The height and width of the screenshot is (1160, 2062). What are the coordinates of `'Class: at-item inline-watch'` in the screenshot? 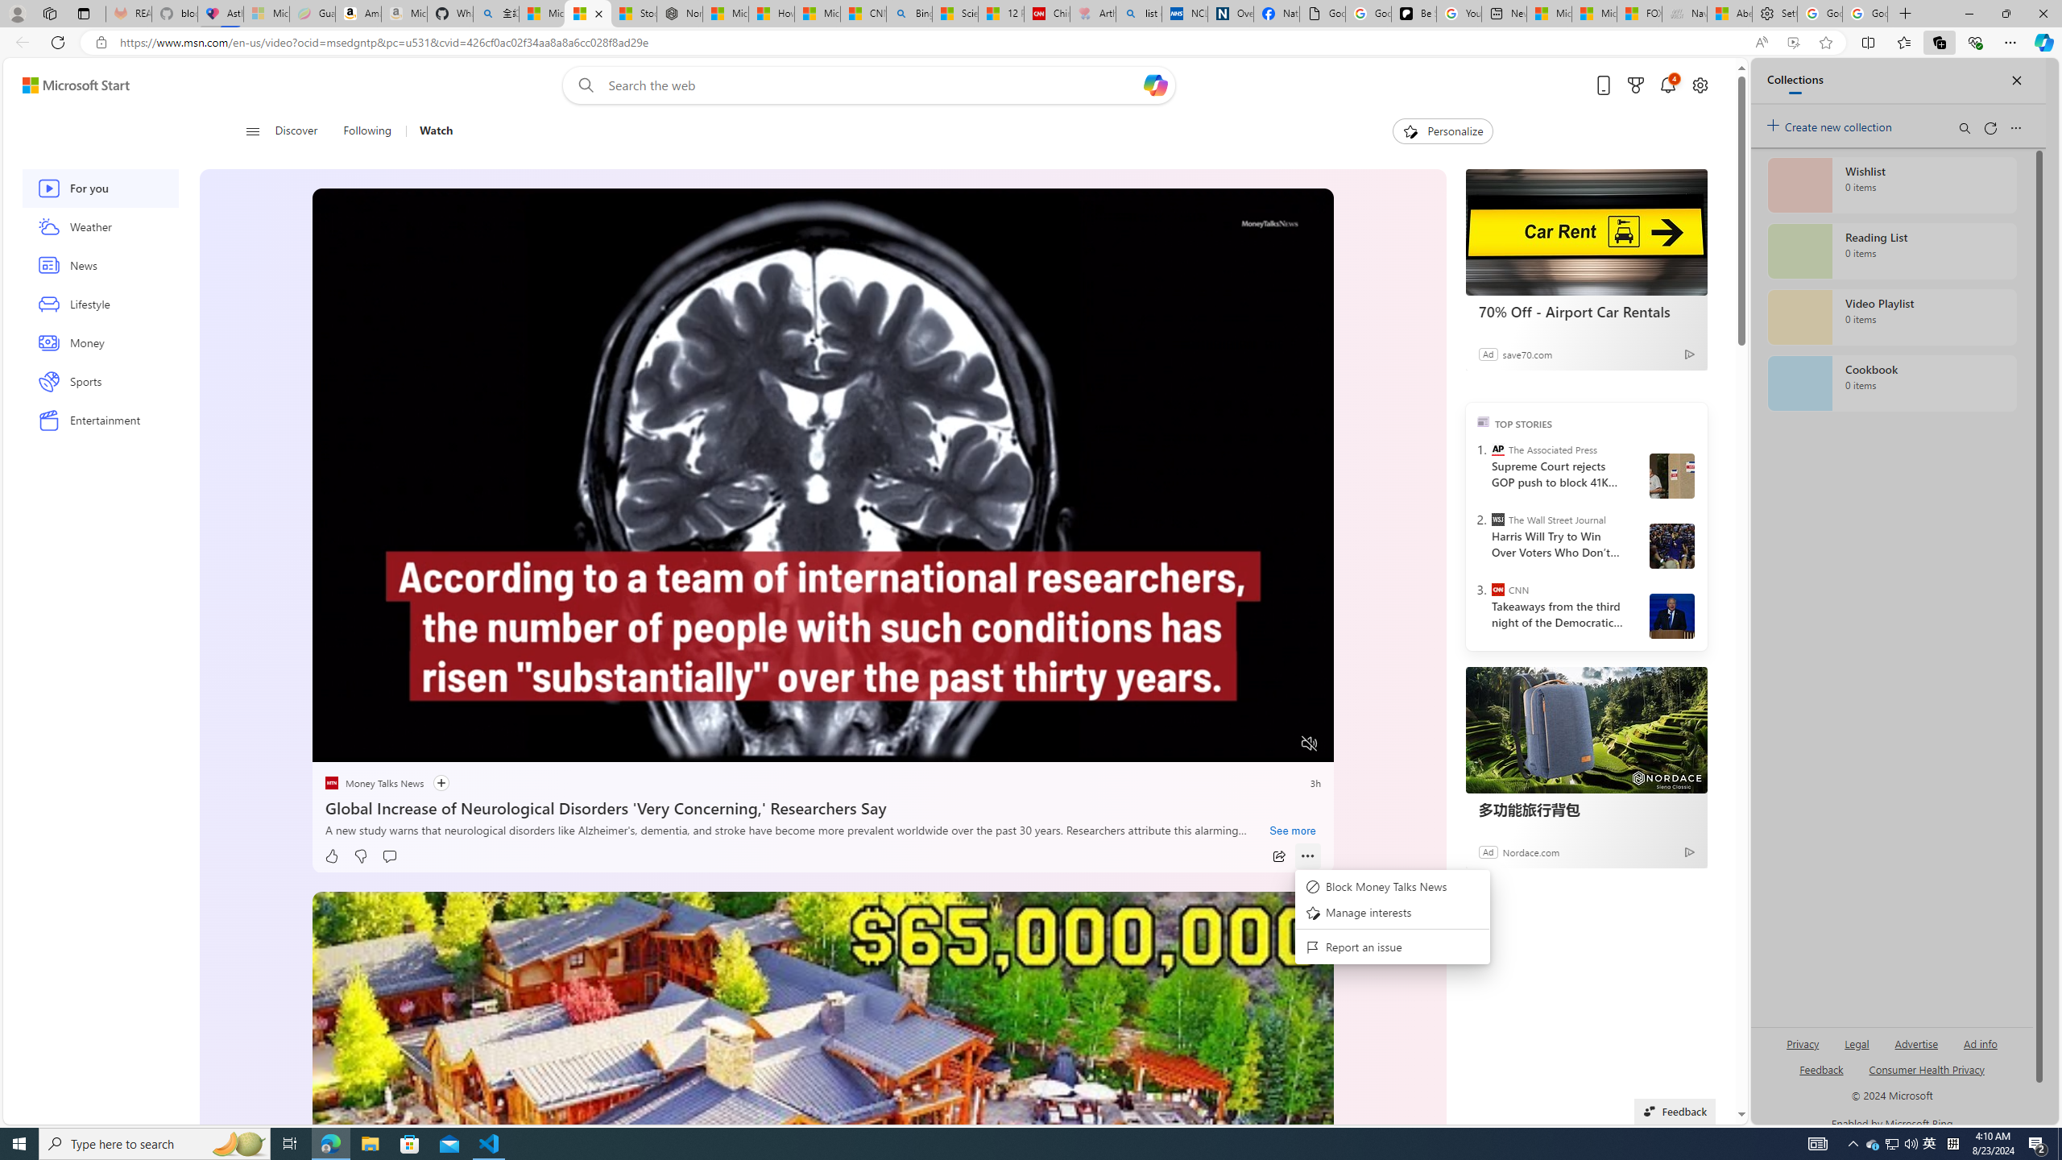 It's located at (1307, 855).